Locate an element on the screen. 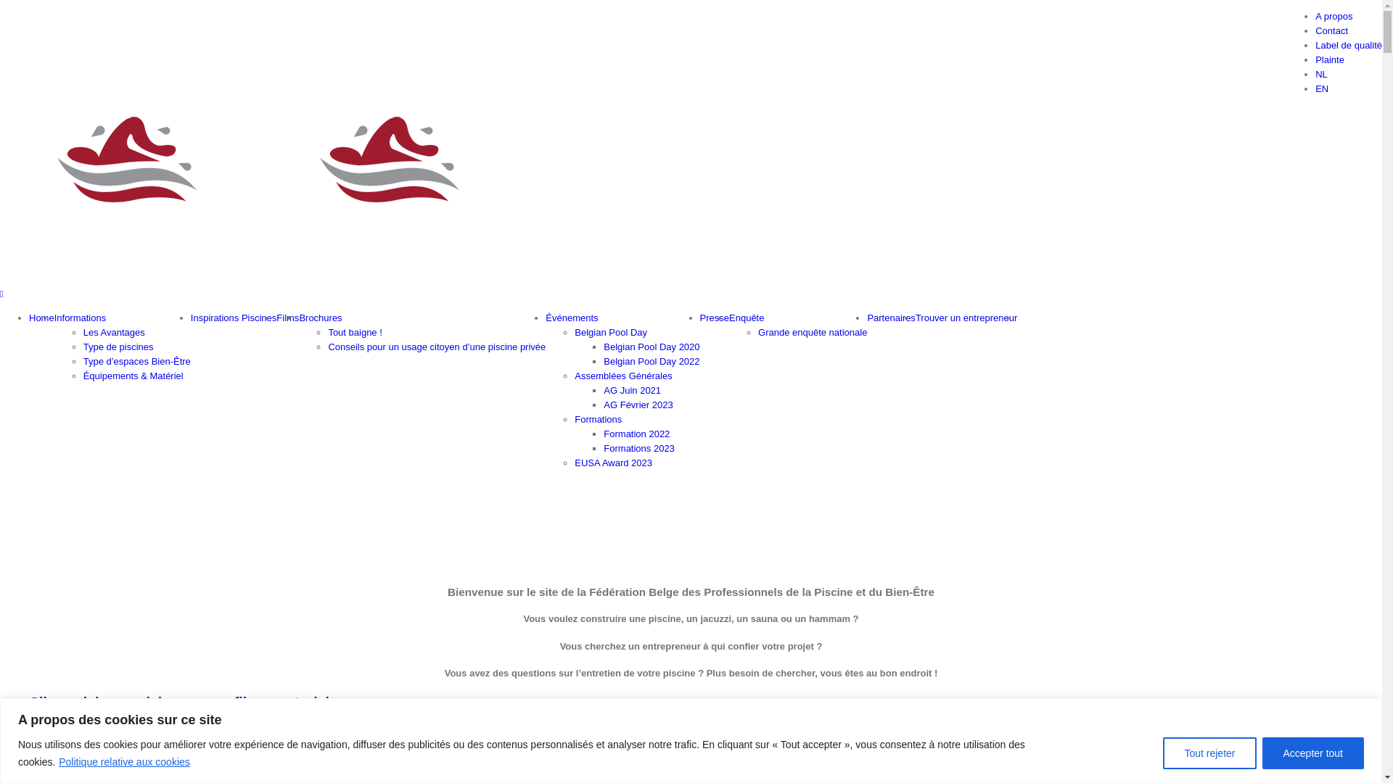  'Partenaires' is located at coordinates (867, 317).